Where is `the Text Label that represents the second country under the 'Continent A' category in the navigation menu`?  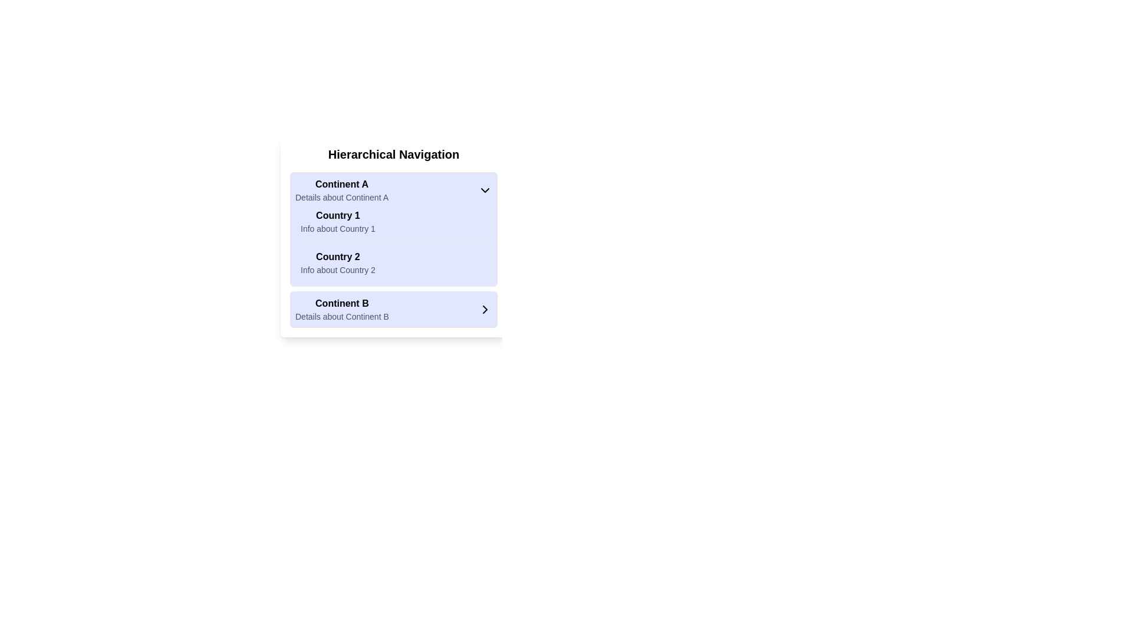
the Text Label that represents the second country under the 'Continent A' category in the navigation menu is located at coordinates (337, 256).